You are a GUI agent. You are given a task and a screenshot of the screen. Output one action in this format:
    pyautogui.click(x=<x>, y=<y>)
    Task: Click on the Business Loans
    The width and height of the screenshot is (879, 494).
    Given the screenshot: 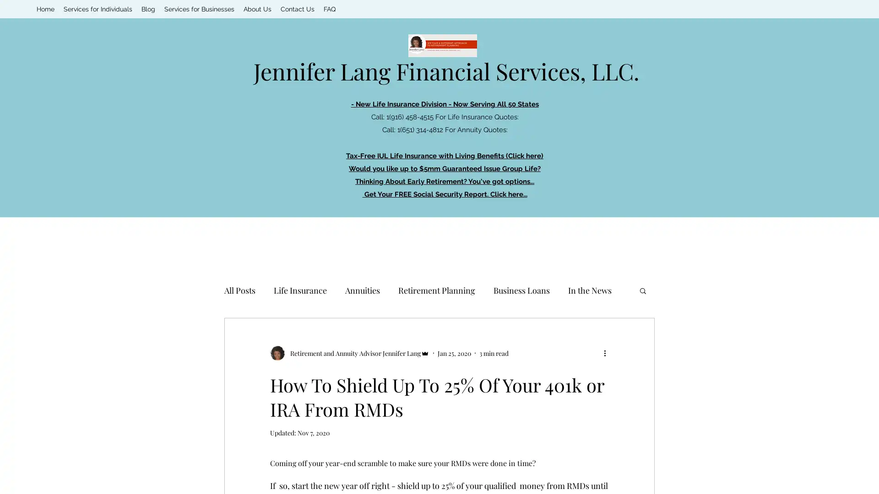 What is the action you would take?
    pyautogui.click(x=521, y=290)
    